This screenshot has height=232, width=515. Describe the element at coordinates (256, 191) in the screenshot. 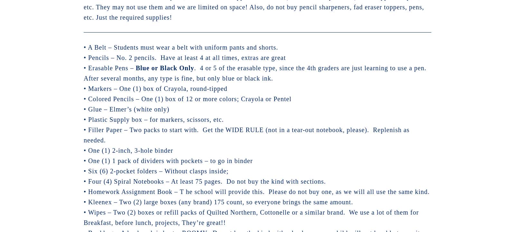

I see `'• Homework Assignment Book – T he school will provide this.  Please do not buy one, as we will all use the same kind.'` at that location.